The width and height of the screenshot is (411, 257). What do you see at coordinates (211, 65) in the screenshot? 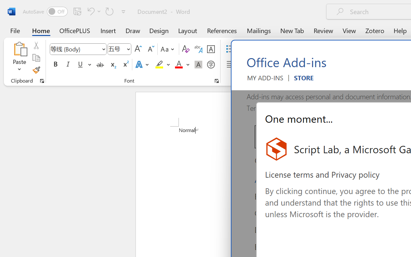
I see `'Enclose Characters...'` at bounding box center [211, 65].